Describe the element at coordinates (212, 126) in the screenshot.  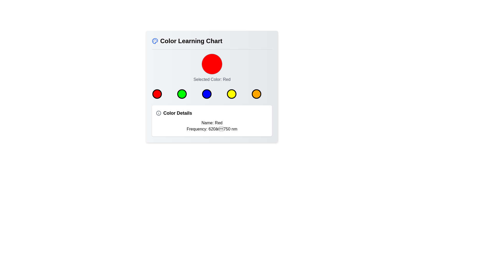
I see `static text element displaying 'Name: Red' and 'Frequency: 620–750 nm' located in the 'Color Details' box` at that location.